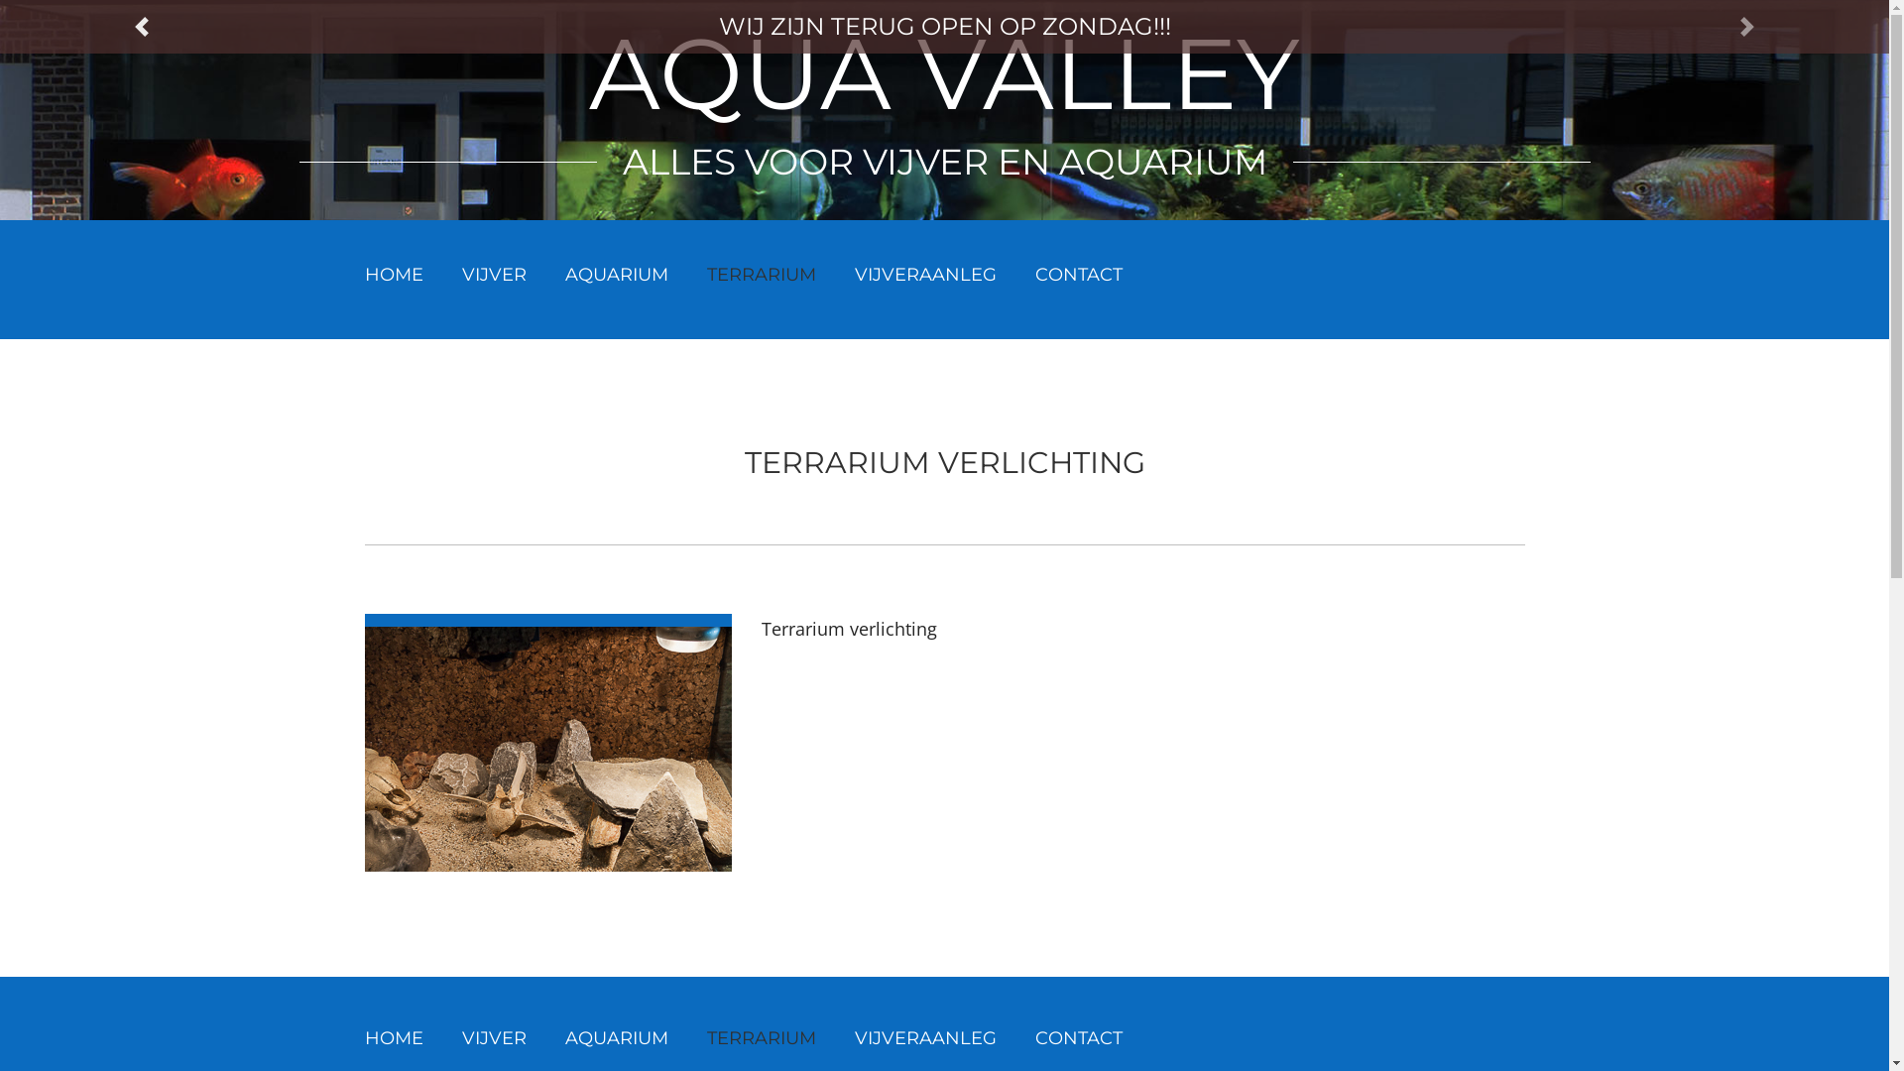 The width and height of the screenshot is (1904, 1071). Describe the element at coordinates (1078, 275) in the screenshot. I see `'CONTACT'` at that location.